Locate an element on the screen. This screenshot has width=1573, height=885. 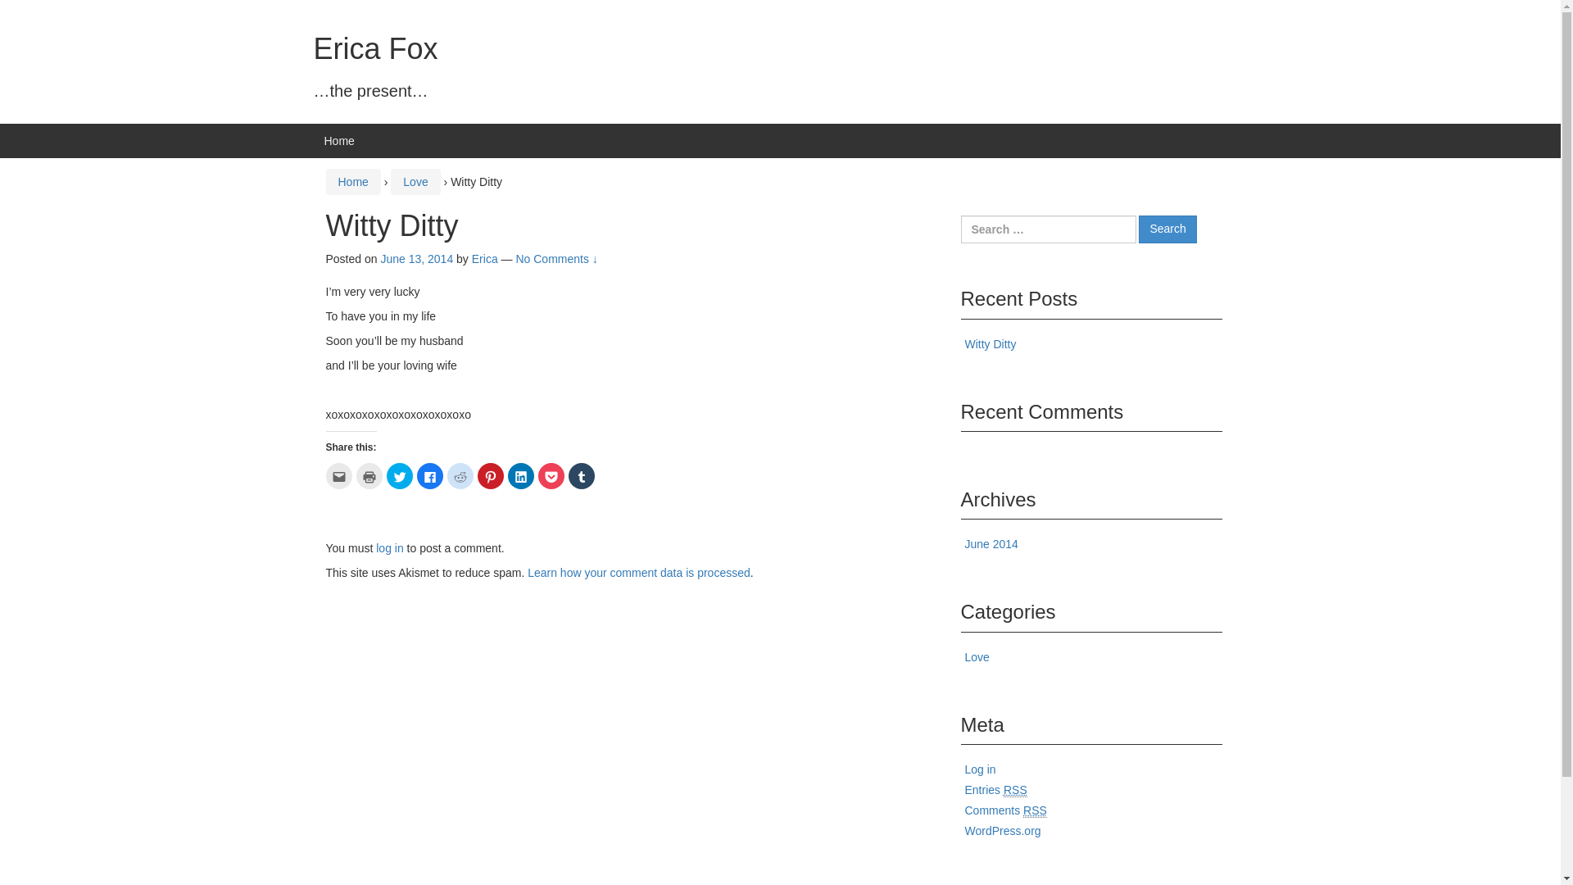
'Click to share on LinkedIn (Opens in new window)' is located at coordinates (506, 476).